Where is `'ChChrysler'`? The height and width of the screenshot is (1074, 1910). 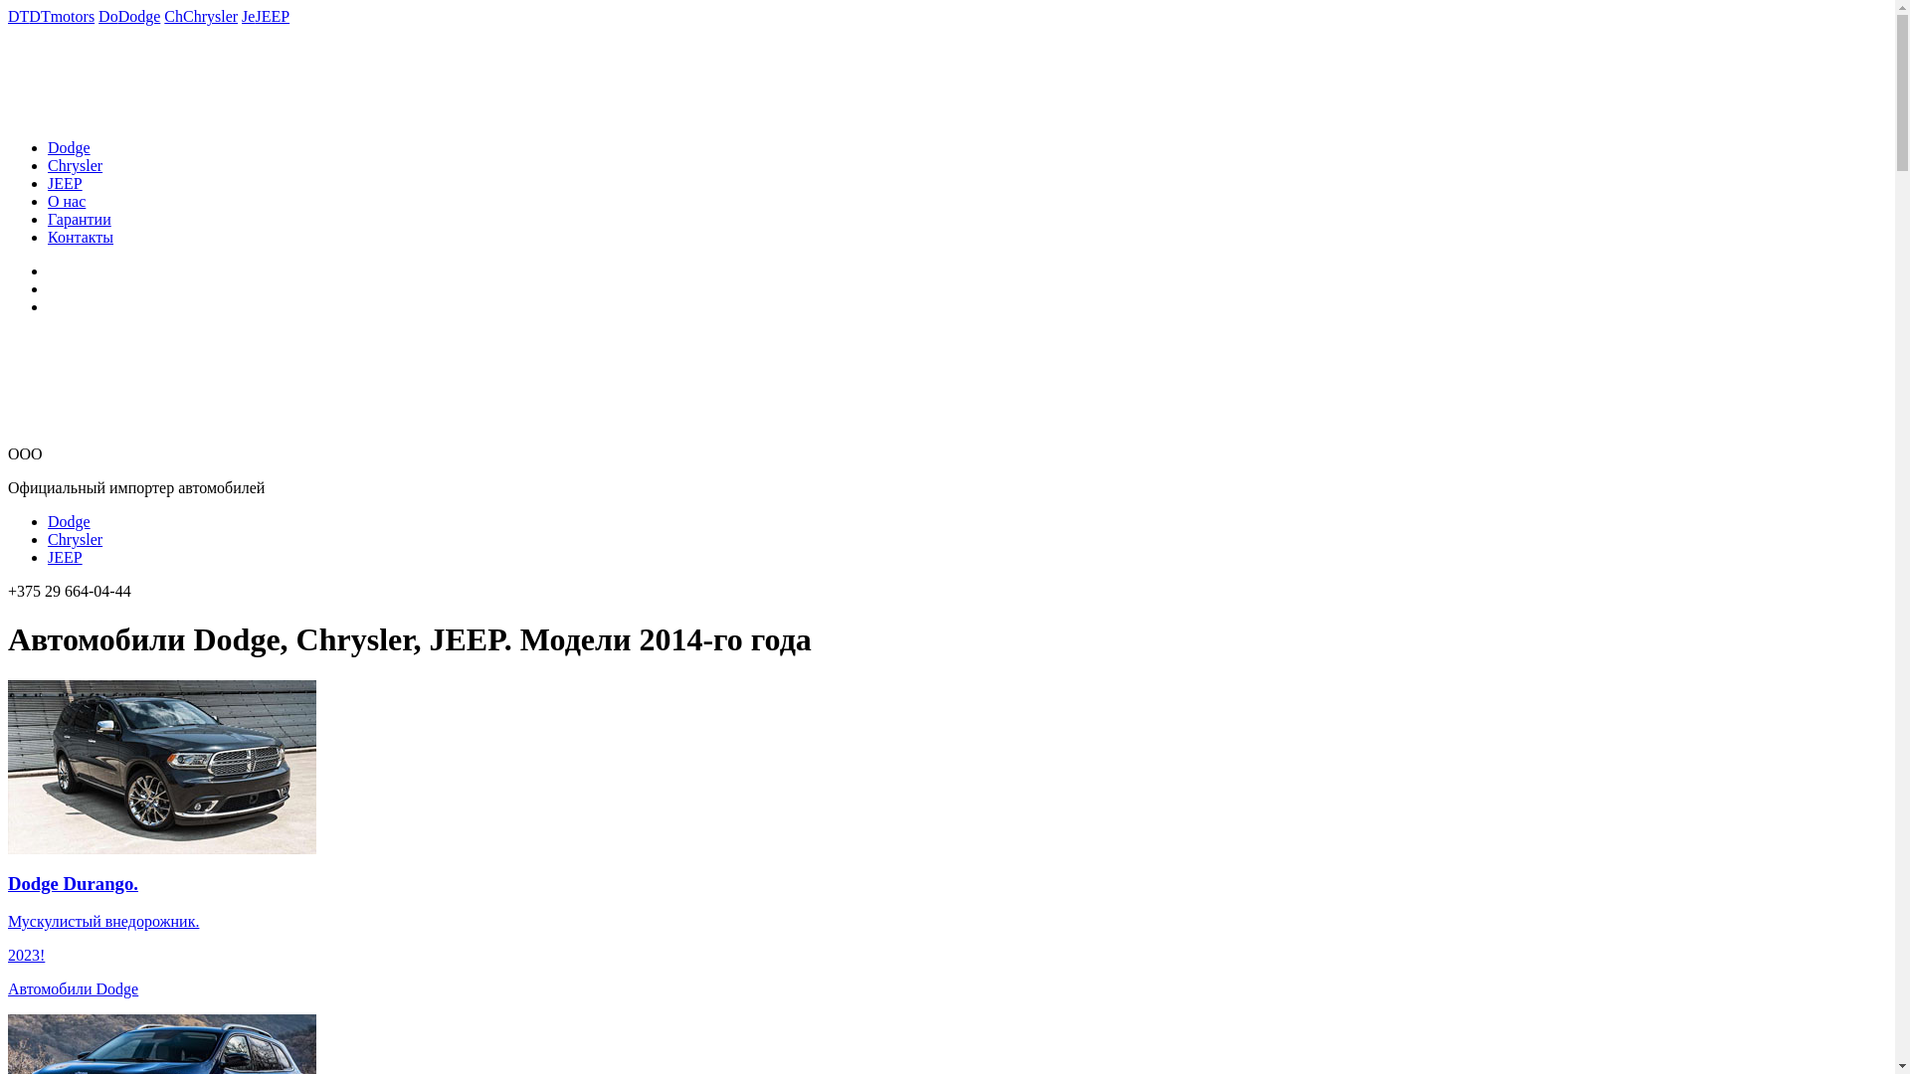
'ChChrysler' is located at coordinates (200, 16).